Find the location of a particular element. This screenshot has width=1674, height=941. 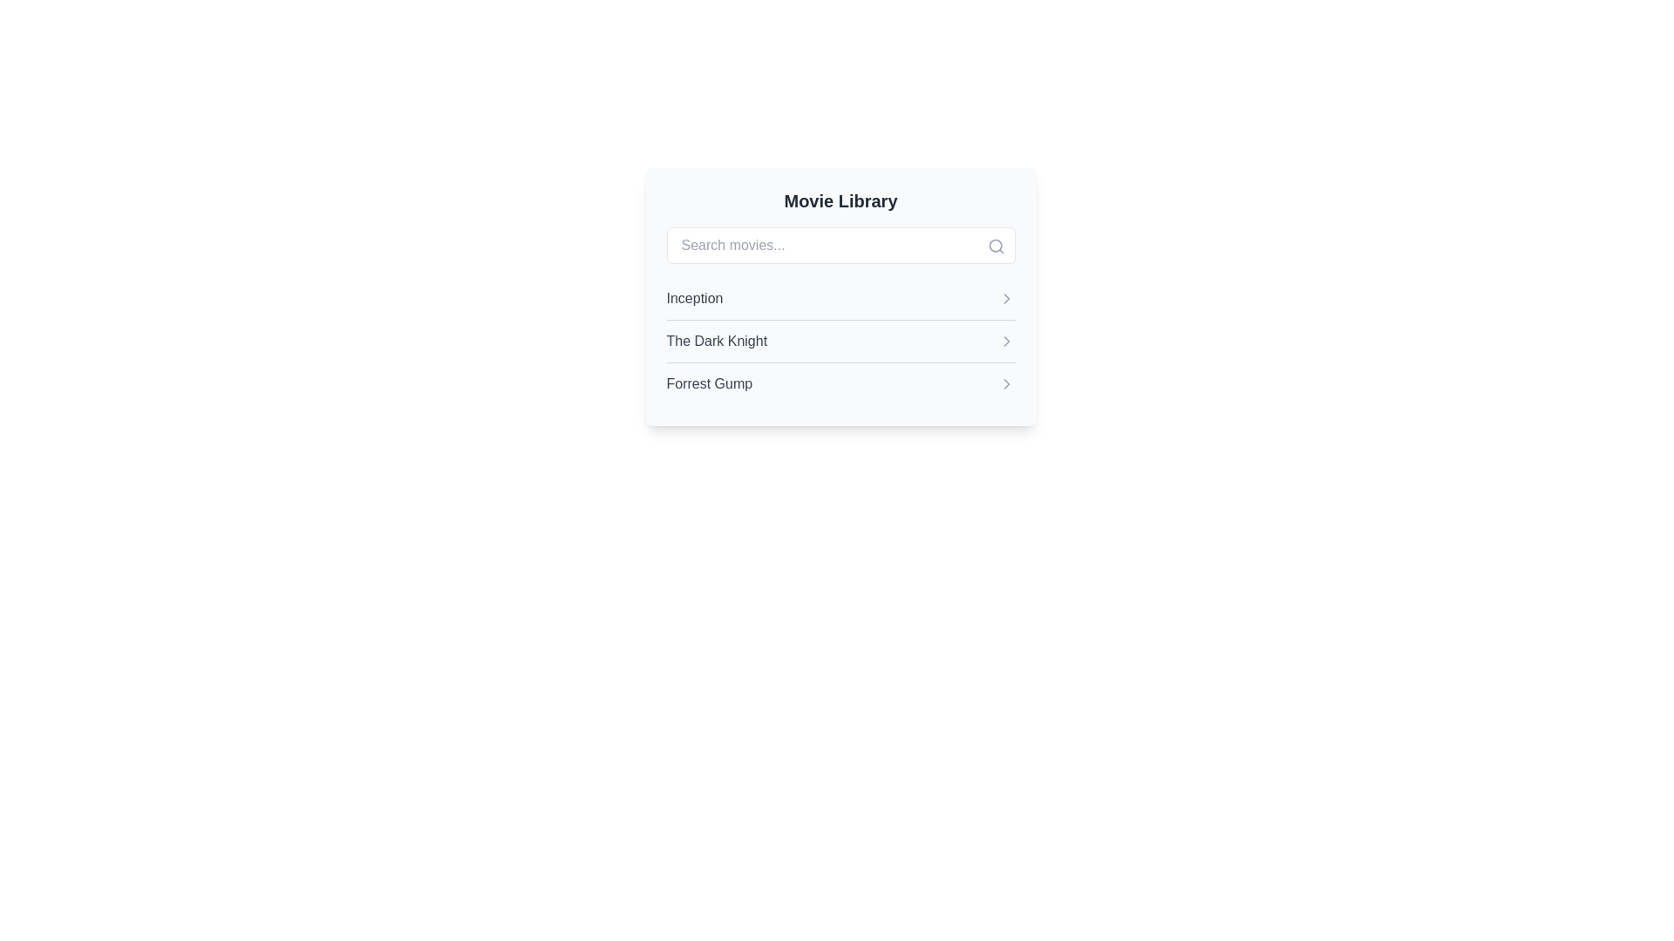

the right arrow icon styled with a gray color, located to the right of the text 'The Dark Knight', for tooltip or visual feedback is located at coordinates (1006, 342).